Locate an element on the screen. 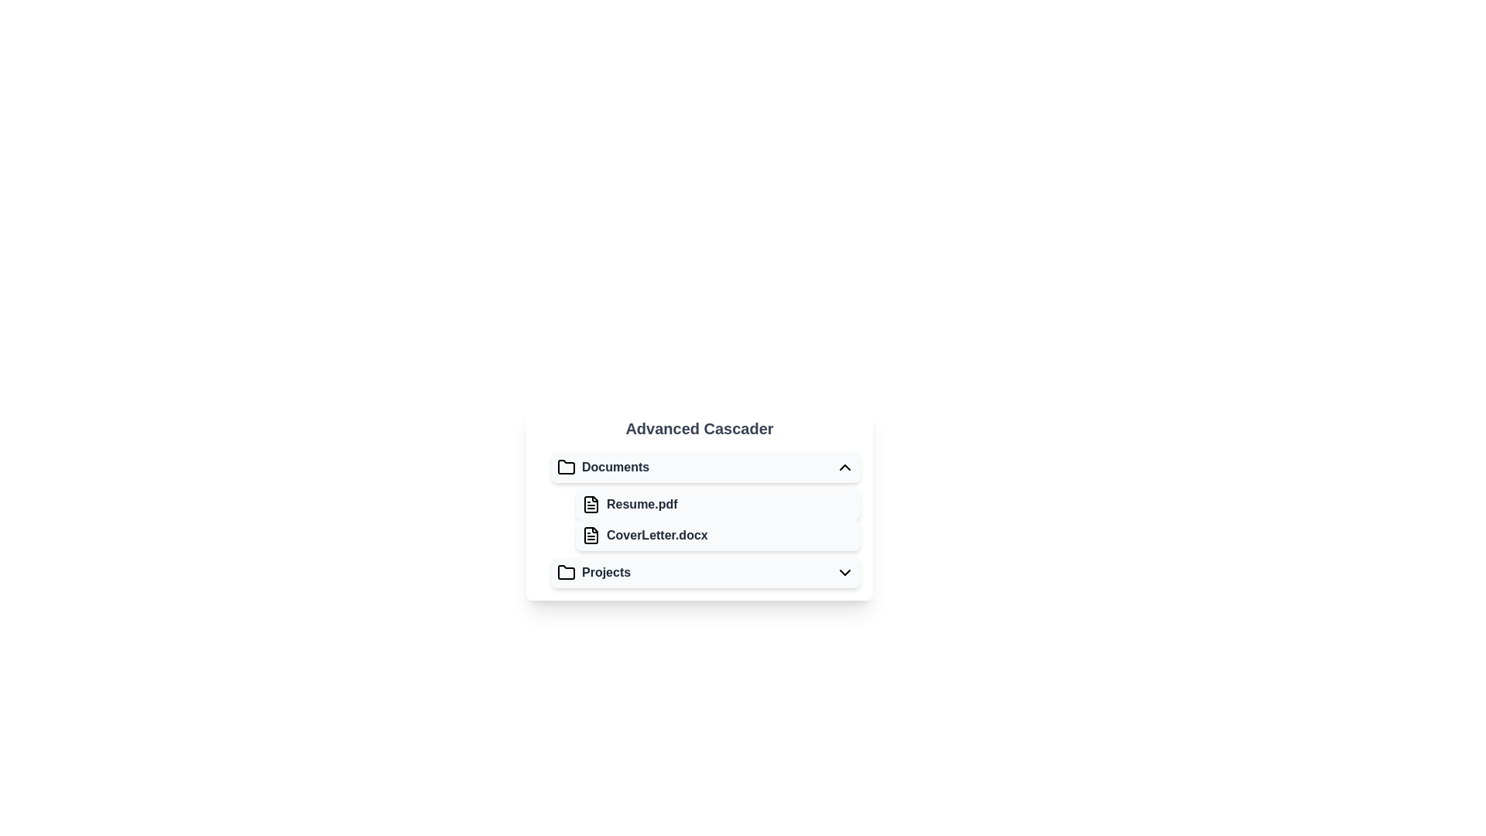 The image size is (1486, 836). the 'CoverLetter.docx' file representation in the file browser is located at coordinates (645, 534).